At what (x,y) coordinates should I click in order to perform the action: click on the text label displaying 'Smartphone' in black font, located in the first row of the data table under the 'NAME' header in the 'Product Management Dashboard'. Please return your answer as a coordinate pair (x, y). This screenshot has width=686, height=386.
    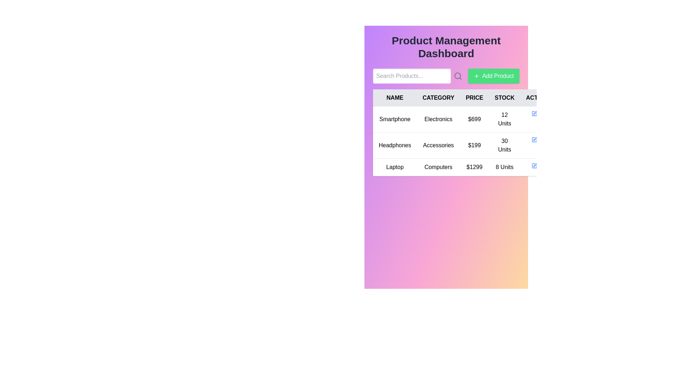
    Looking at the image, I should click on (394, 119).